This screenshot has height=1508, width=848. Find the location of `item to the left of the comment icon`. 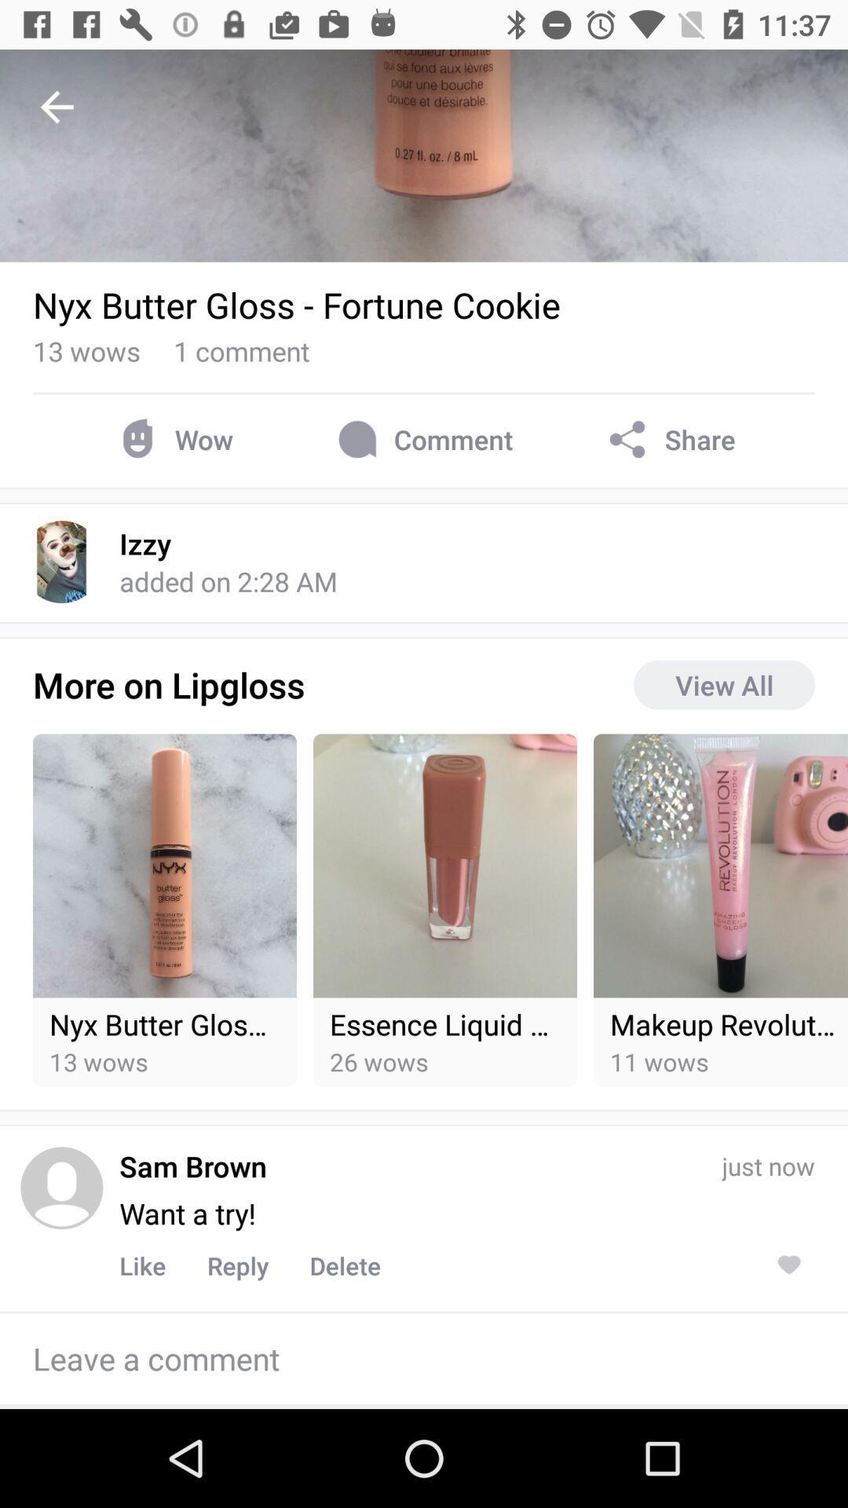

item to the left of the comment icon is located at coordinates (173, 439).